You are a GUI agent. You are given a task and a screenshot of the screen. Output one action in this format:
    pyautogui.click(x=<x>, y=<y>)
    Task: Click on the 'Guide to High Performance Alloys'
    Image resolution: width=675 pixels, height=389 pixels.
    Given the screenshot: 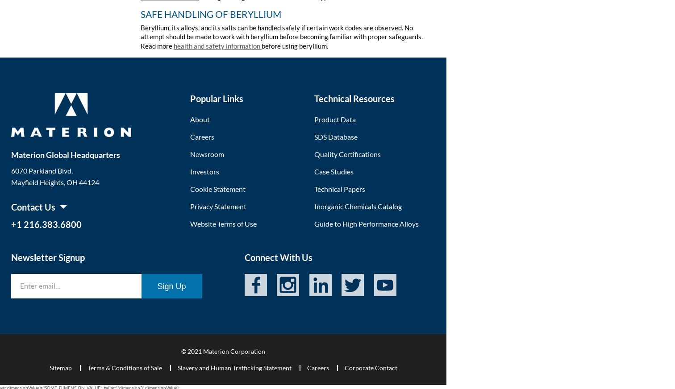 What is the action you would take?
    pyautogui.click(x=366, y=223)
    